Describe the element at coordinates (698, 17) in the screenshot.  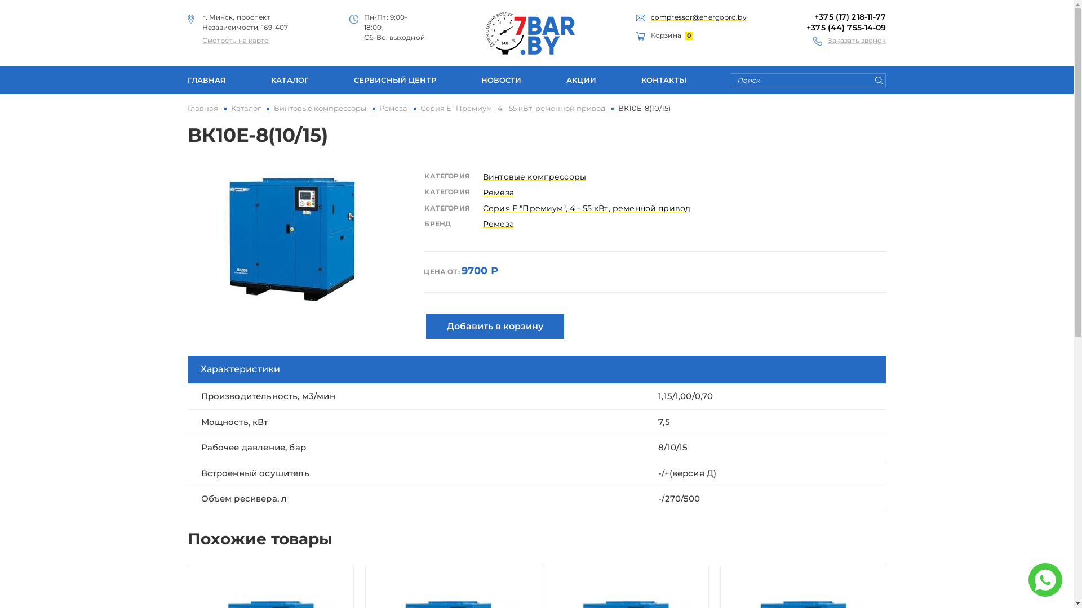
I see `'compressor@energopro.by'` at that location.